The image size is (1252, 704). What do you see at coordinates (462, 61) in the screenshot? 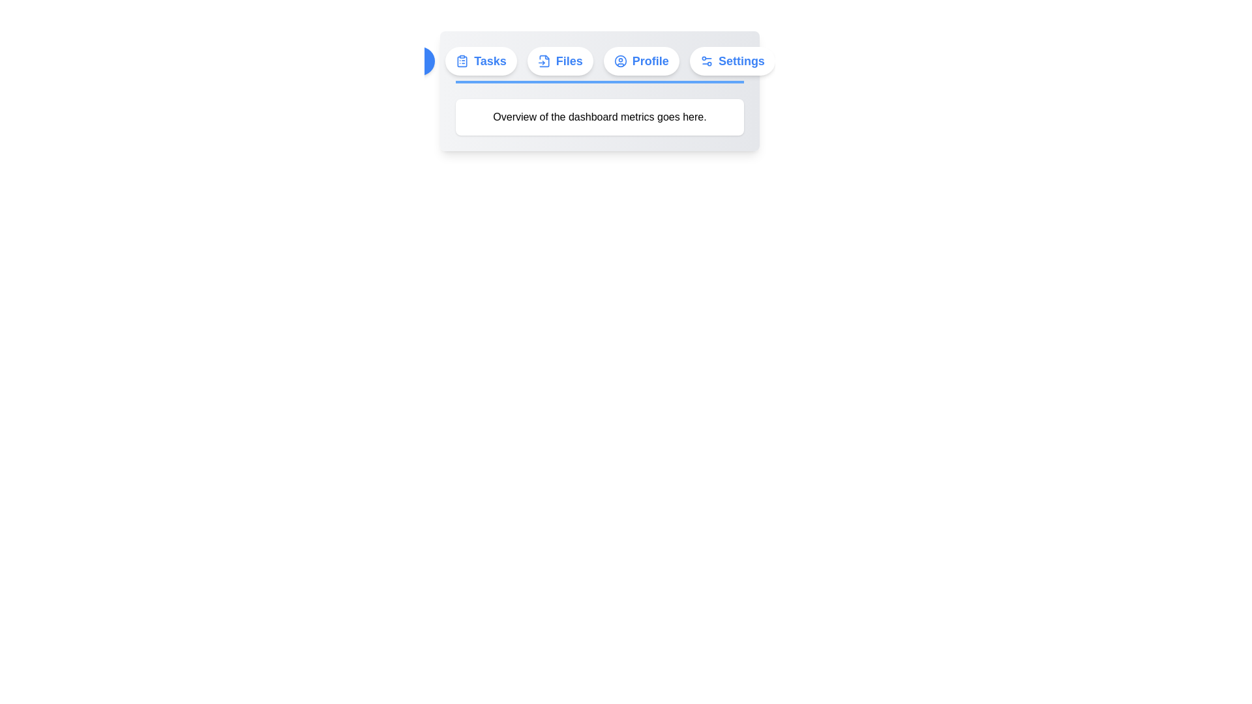
I see `the non-interactive icon located to the left of the 'Tasks' button in the horizontal navigation bar, which visually represents task-oriented functionalities` at bounding box center [462, 61].